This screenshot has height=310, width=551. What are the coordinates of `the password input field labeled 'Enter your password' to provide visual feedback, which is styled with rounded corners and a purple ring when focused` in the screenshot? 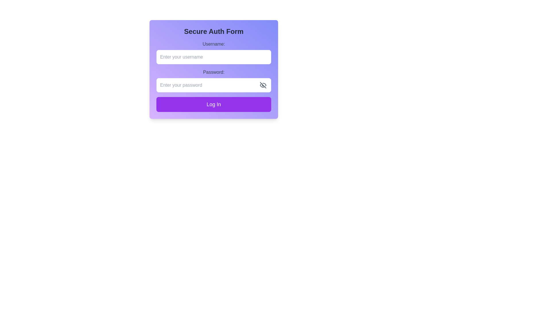 It's located at (213, 85).